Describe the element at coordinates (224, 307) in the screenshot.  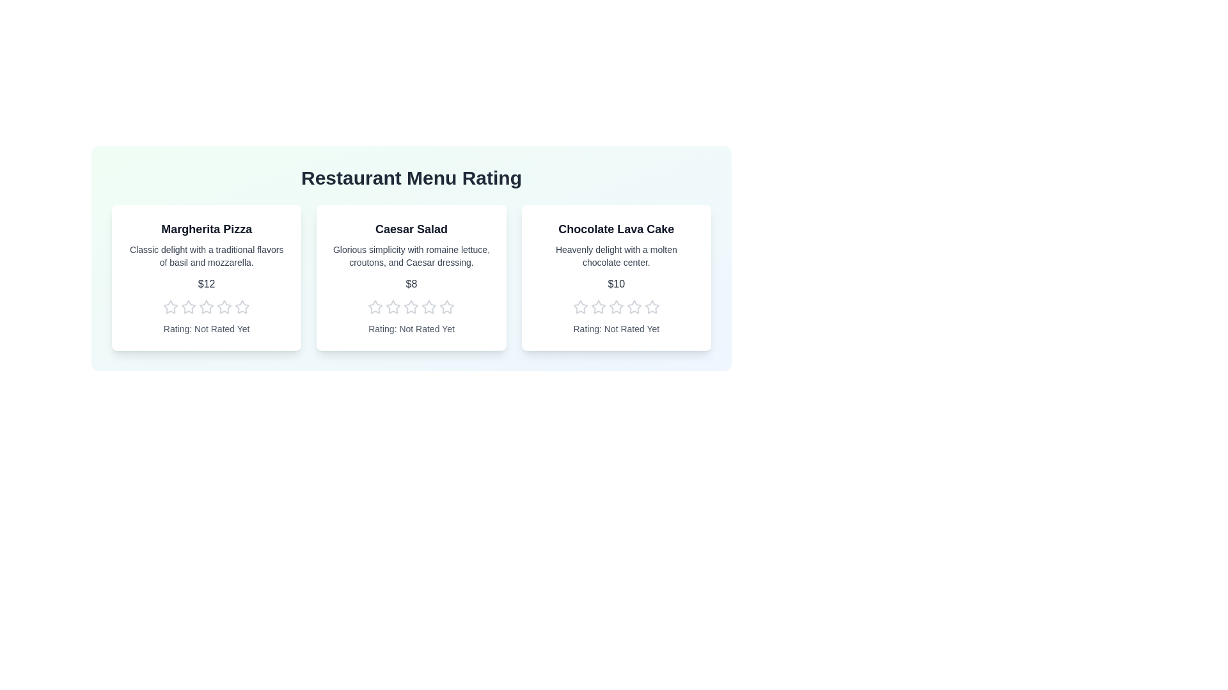
I see `the star corresponding to the desired rating 4 for the menu item Margherita Pizza` at that location.